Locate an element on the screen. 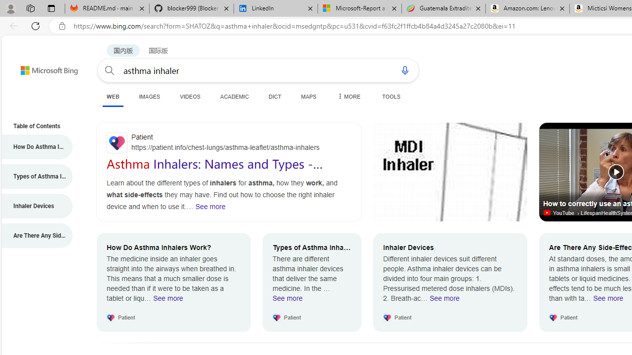 Image resolution: width=632 pixels, height=355 pixels. 'WEB' is located at coordinates (113, 97).